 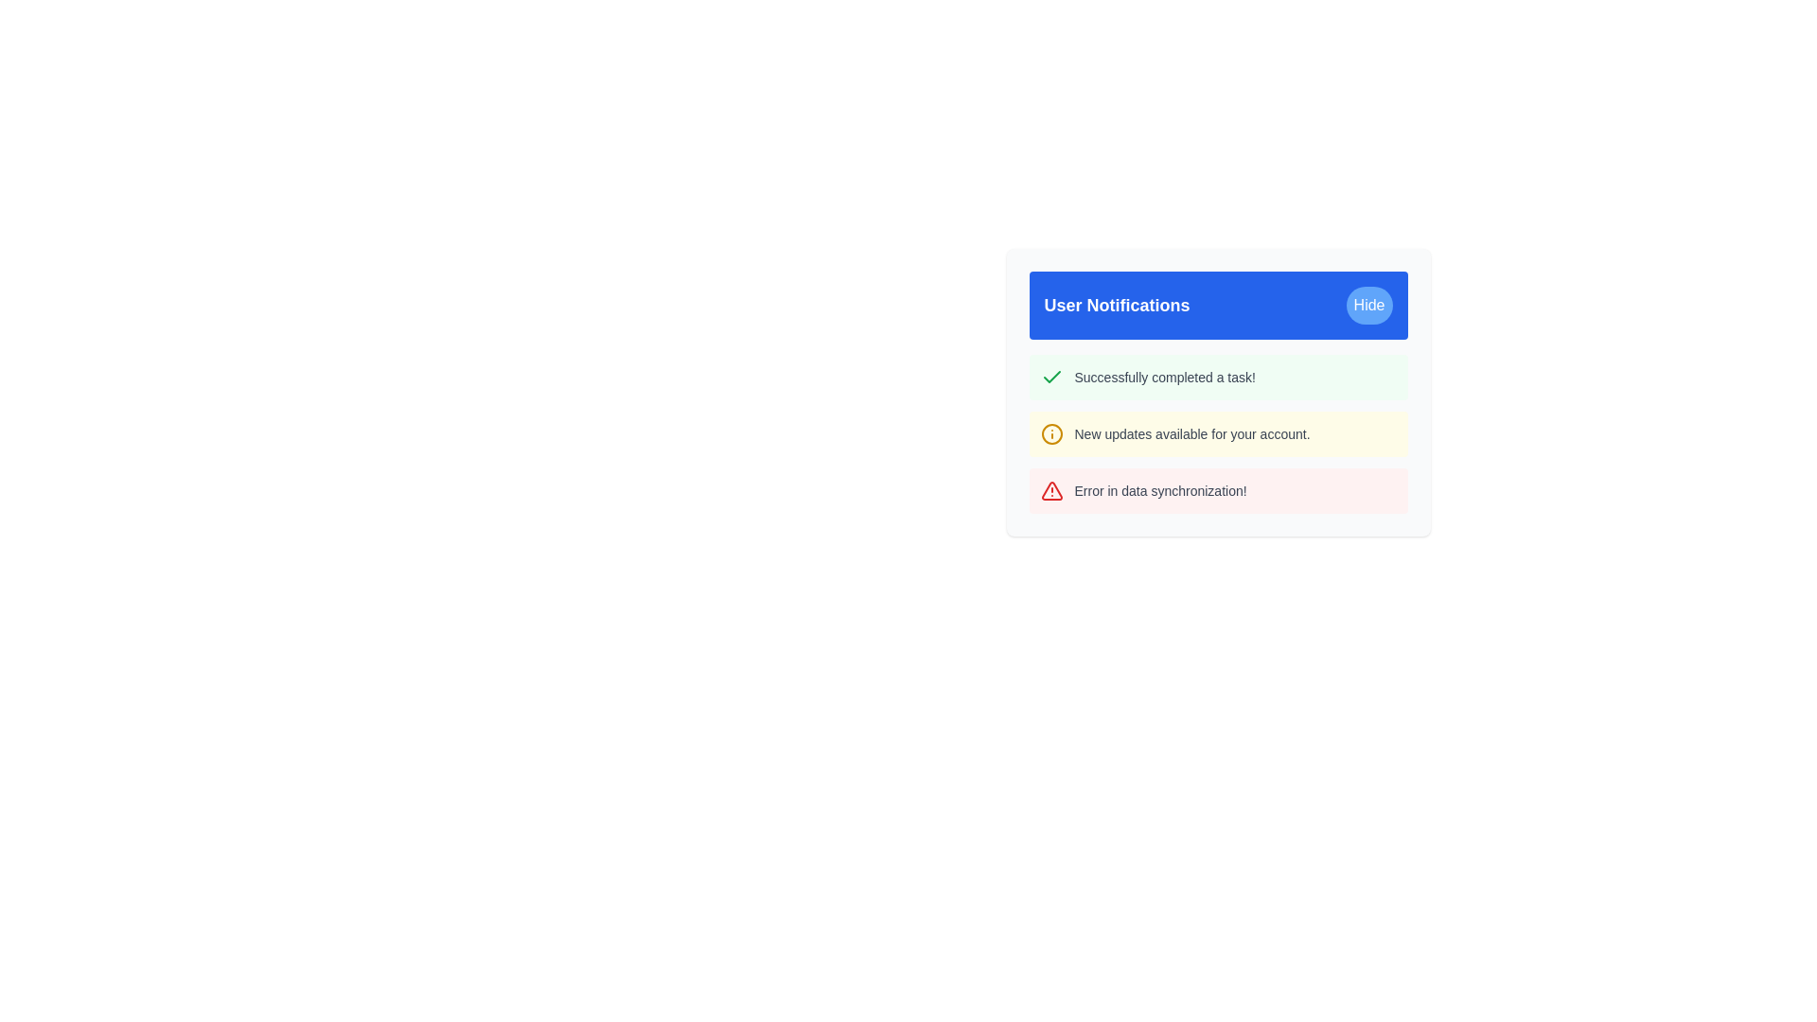 I want to click on the title label of the notifications section, which is located in the upper-left part of the notification box, aligned to the left of the 'Hide' element, so click(x=1117, y=305).